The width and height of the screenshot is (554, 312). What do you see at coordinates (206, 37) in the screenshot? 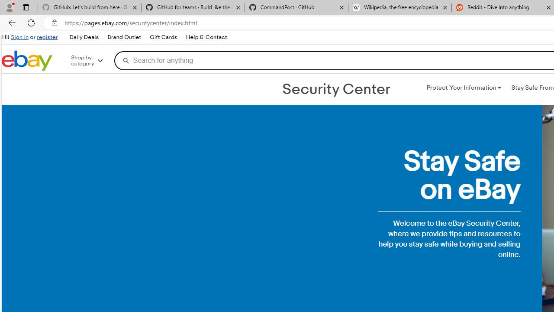
I see `'Help & Contact'` at bounding box center [206, 37].